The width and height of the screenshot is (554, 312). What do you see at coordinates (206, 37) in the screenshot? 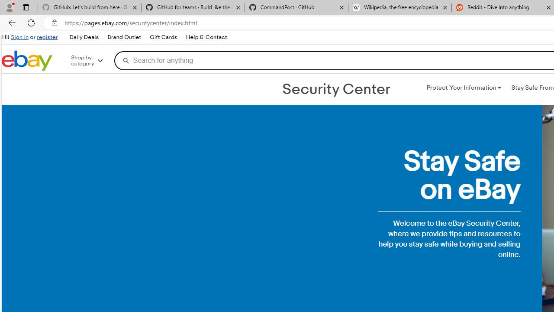
I see `'Help & Contact'` at bounding box center [206, 37].